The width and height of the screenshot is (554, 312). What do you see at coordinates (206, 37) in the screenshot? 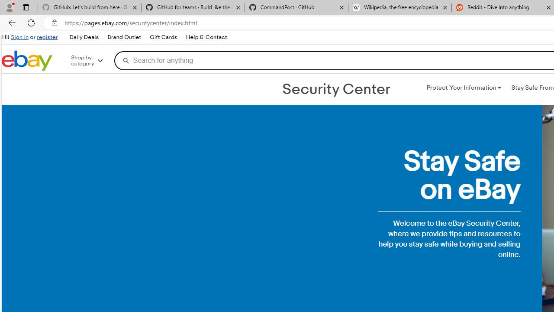
I see `'Help & Contact'` at bounding box center [206, 37].